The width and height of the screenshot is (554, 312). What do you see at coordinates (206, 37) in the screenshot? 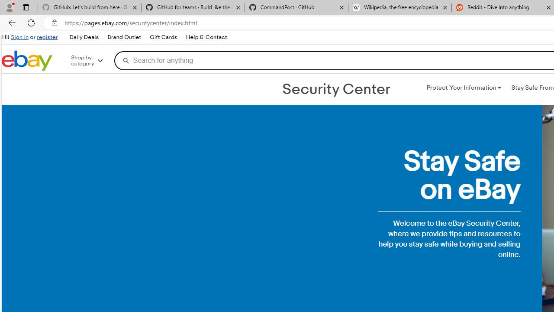
I see `'Help & Contact'` at bounding box center [206, 37].